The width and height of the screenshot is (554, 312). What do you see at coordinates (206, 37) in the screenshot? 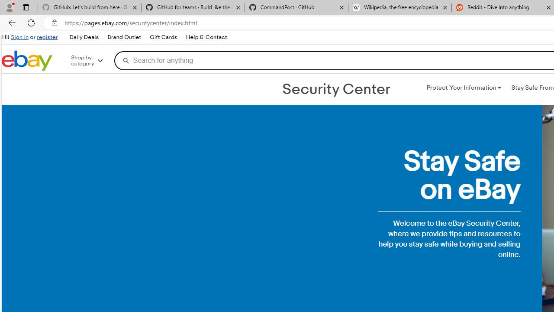
I see `'Help & Contact'` at bounding box center [206, 37].